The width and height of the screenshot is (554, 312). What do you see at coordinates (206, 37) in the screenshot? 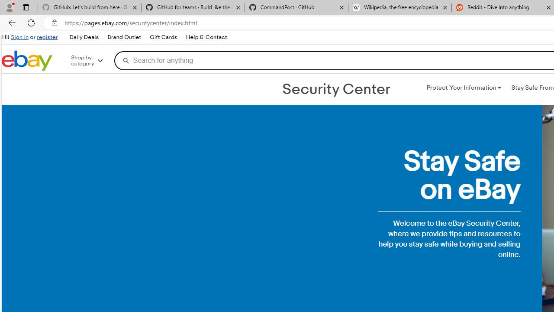
I see `'Help & Contact'` at bounding box center [206, 37].